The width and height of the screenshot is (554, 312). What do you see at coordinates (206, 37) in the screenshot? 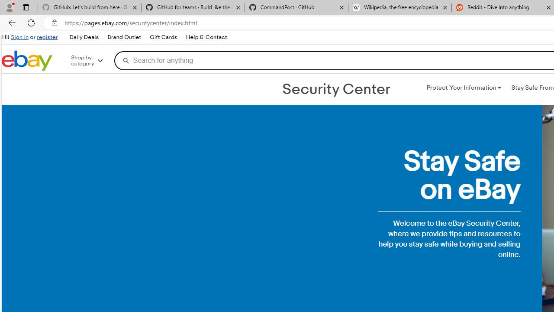
I see `'Help & Contact'` at bounding box center [206, 37].